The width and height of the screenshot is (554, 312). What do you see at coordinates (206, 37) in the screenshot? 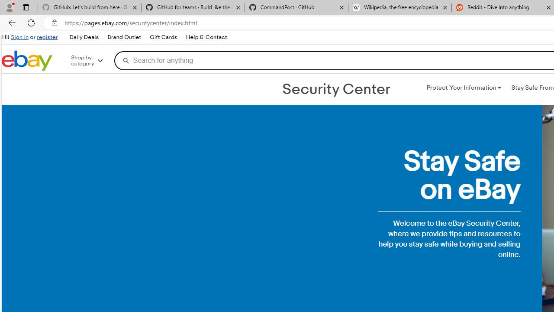
I see `'Help & Contact'` at bounding box center [206, 37].